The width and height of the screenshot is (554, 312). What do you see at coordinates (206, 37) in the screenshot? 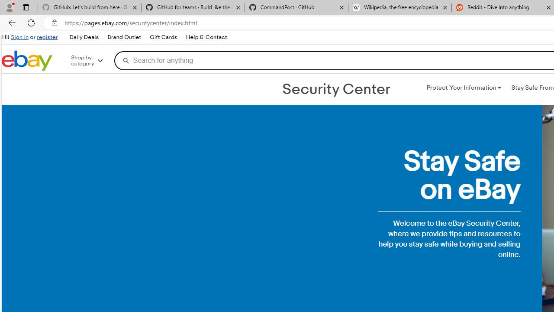
I see `'Help & Contact'` at bounding box center [206, 37].